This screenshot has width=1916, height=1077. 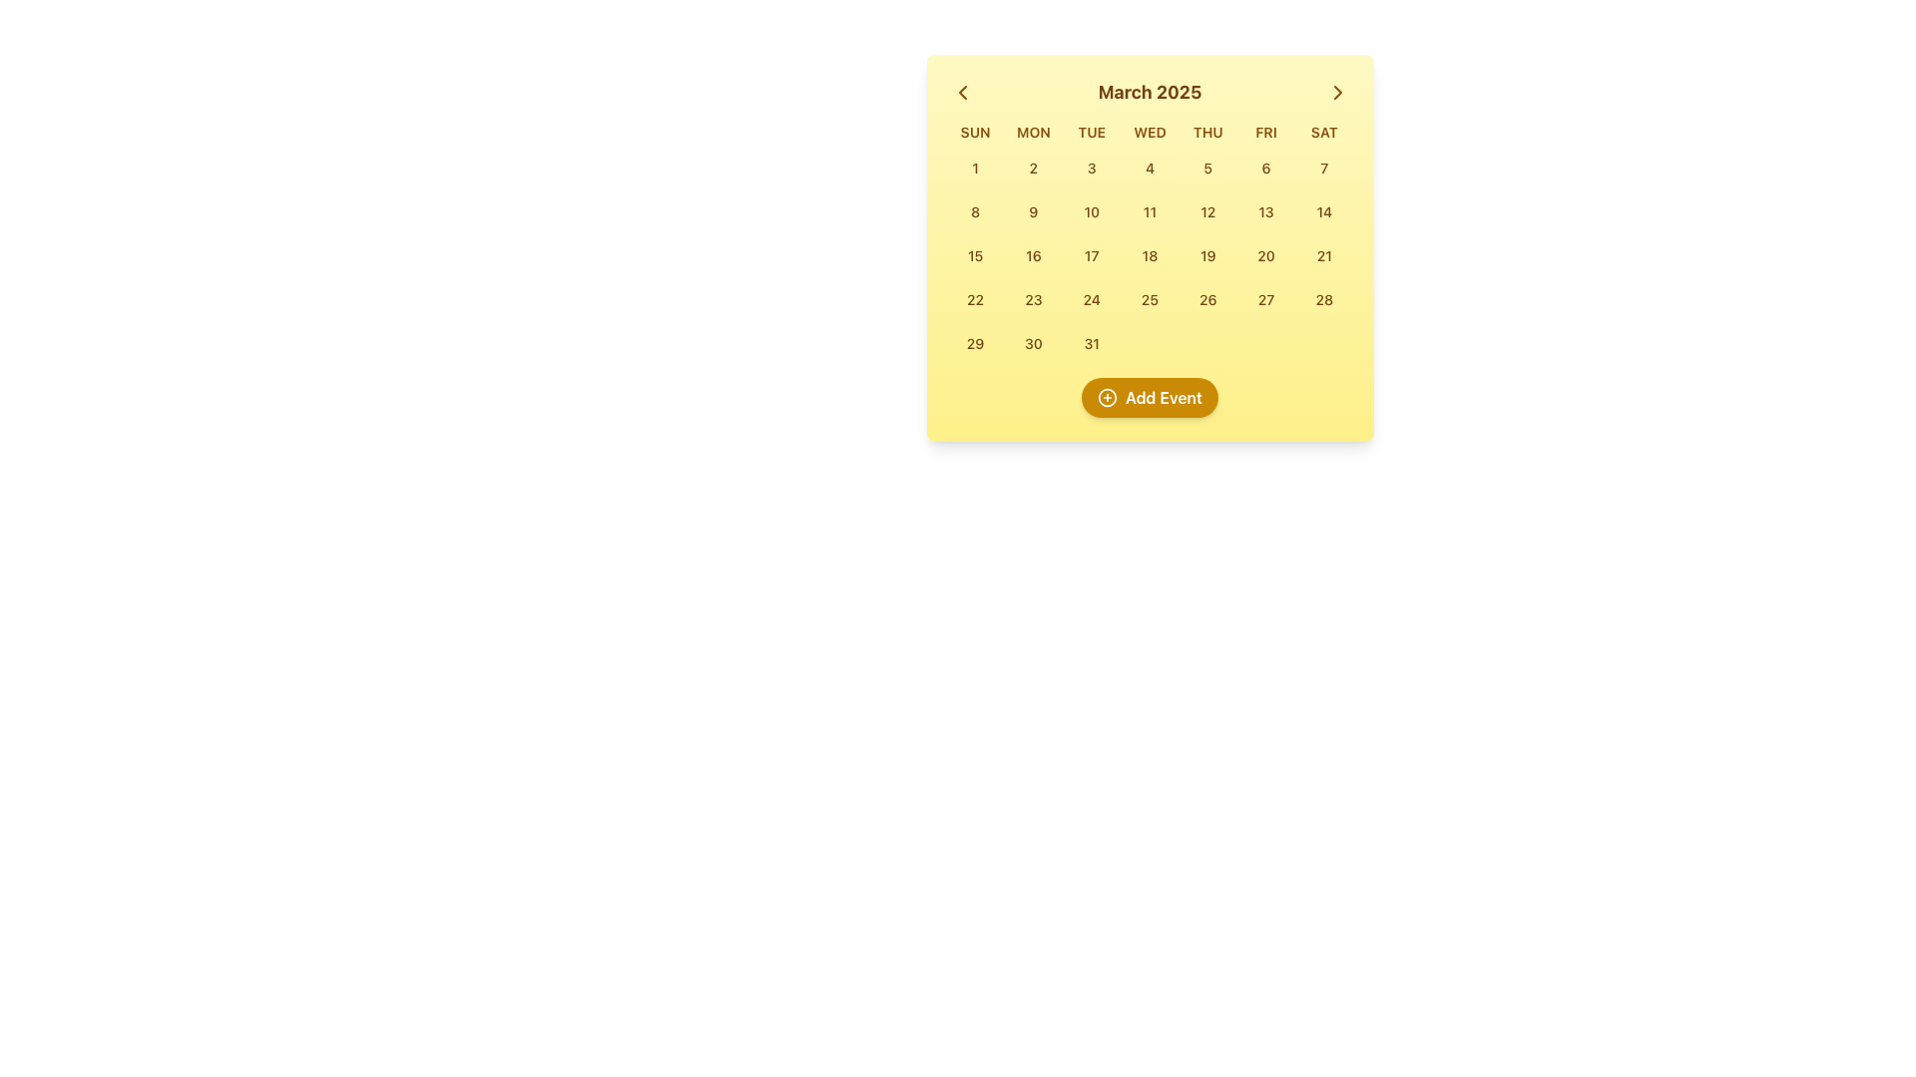 What do you see at coordinates (1324, 254) in the screenshot?
I see `the date '21' in the March 2025 calendar` at bounding box center [1324, 254].